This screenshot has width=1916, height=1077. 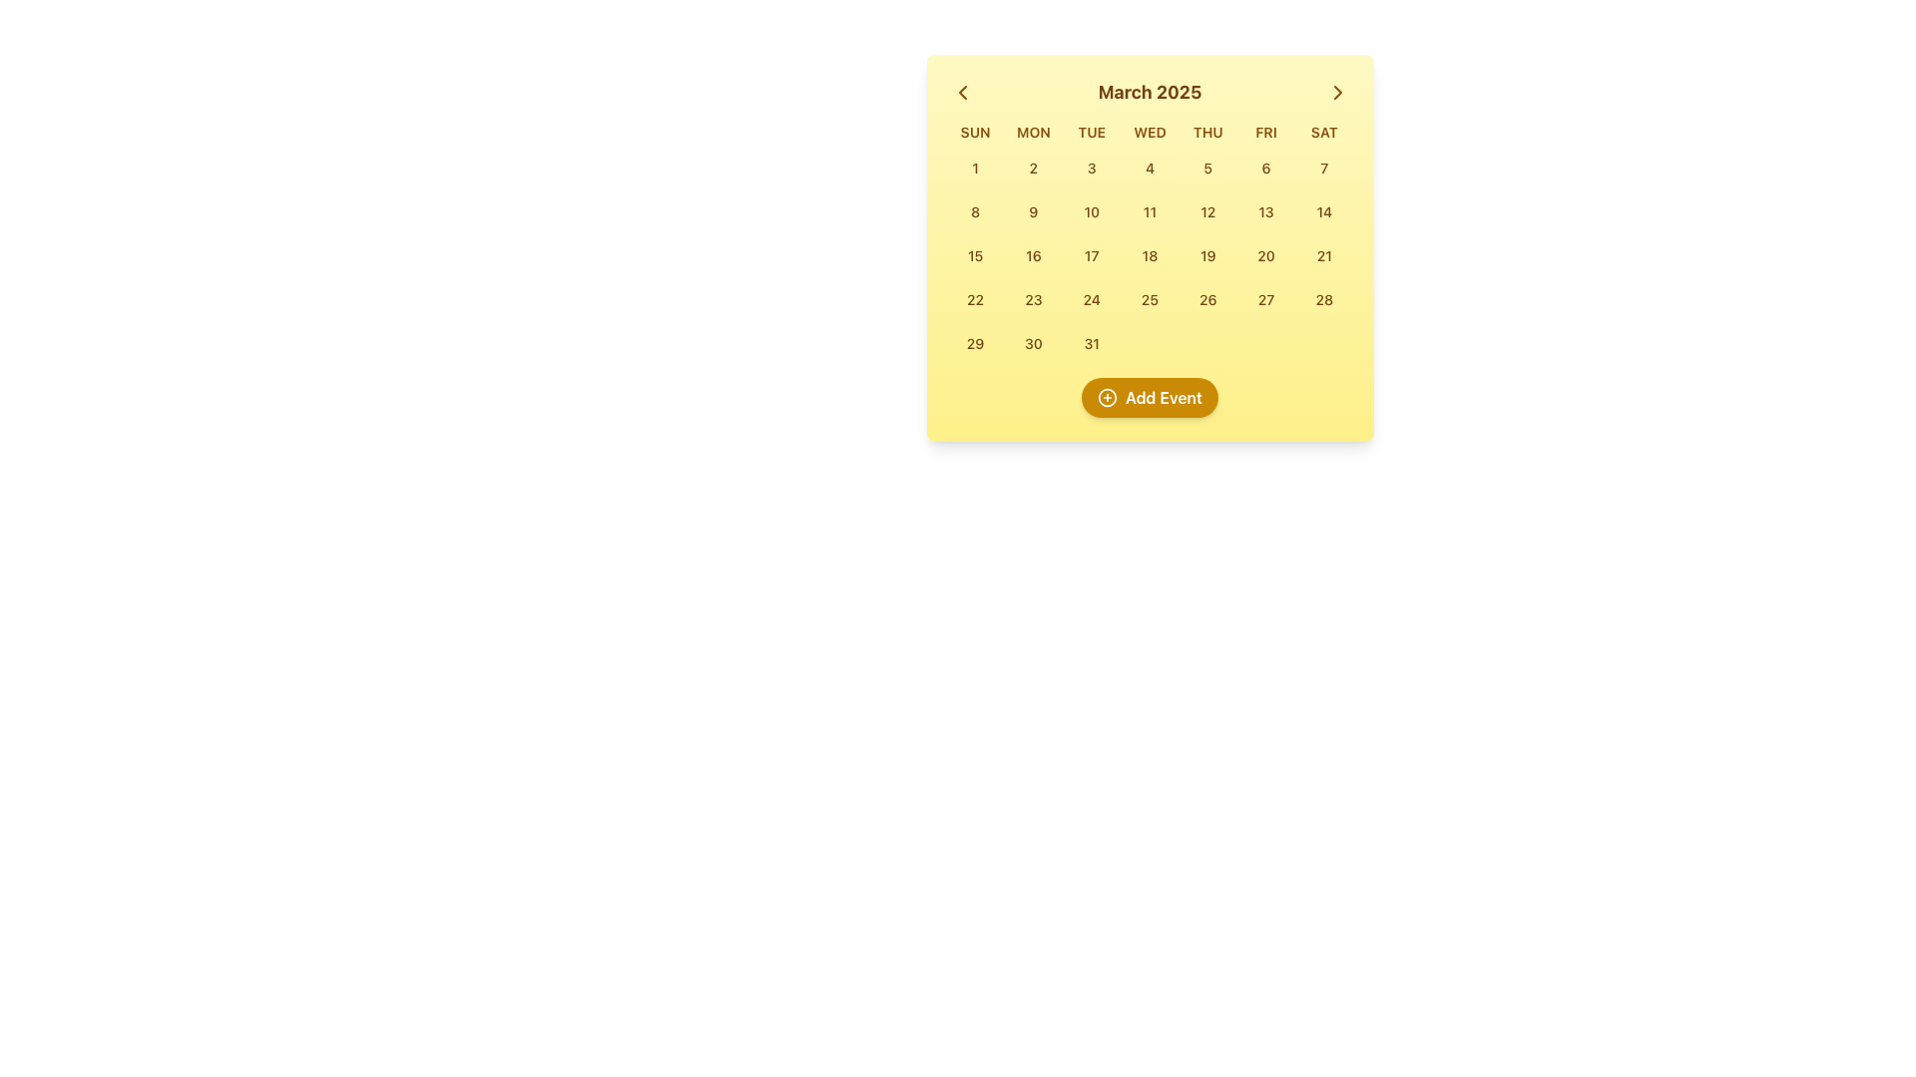 What do you see at coordinates (1324, 254) in the screenshot?
I see `the date '21' in the March 2025 calendar` at bounding box center [1324, 254].